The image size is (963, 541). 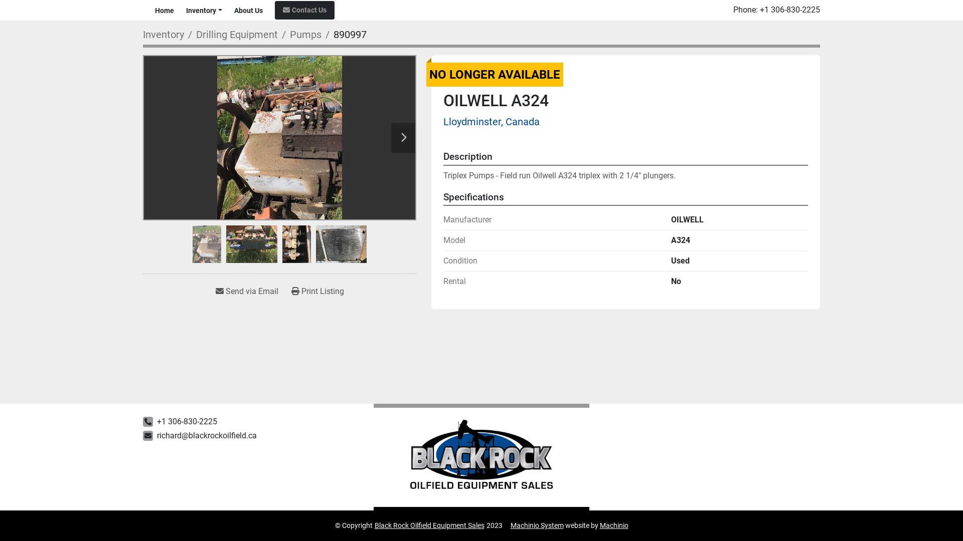 I want to click on '+1 306-830-2225', so click(x=156, y=421).